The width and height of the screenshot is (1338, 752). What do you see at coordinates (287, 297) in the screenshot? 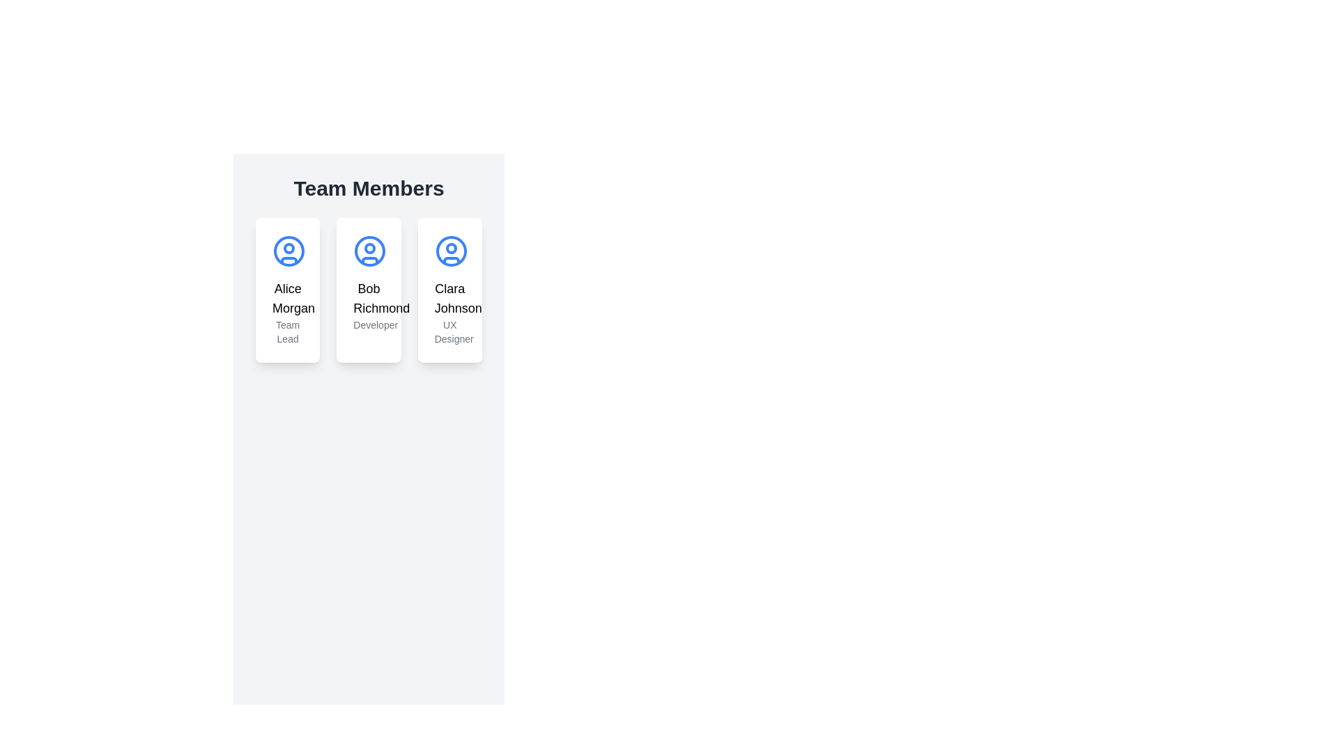
I see `the text label displaying 'Alice Morgan', which is styled in a larger font size and bolded, located inside the first card of the 'Team Members' section` at bounding box center [287, 297].